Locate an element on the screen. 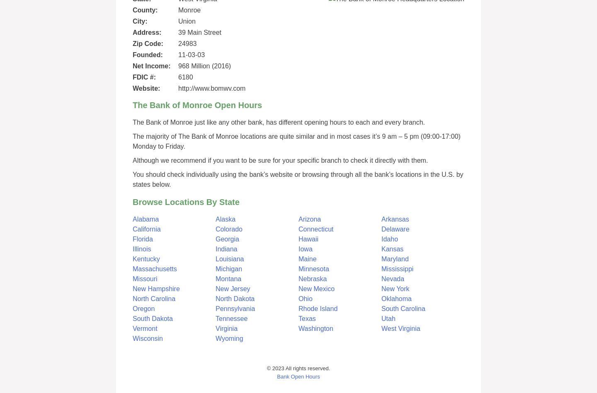 This screenshot has height=393, width=597. 'Florida' is located at coordinates (143, 239).